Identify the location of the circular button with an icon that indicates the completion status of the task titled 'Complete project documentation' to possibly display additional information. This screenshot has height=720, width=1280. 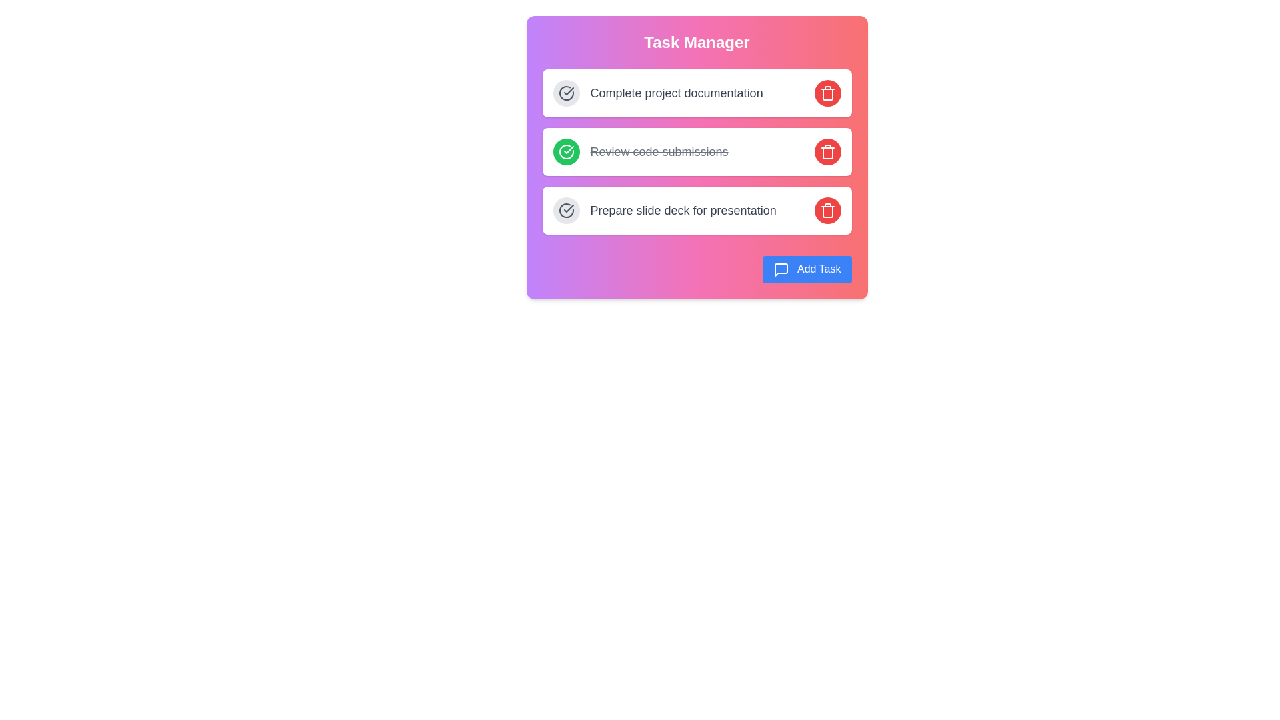
(566, 92).